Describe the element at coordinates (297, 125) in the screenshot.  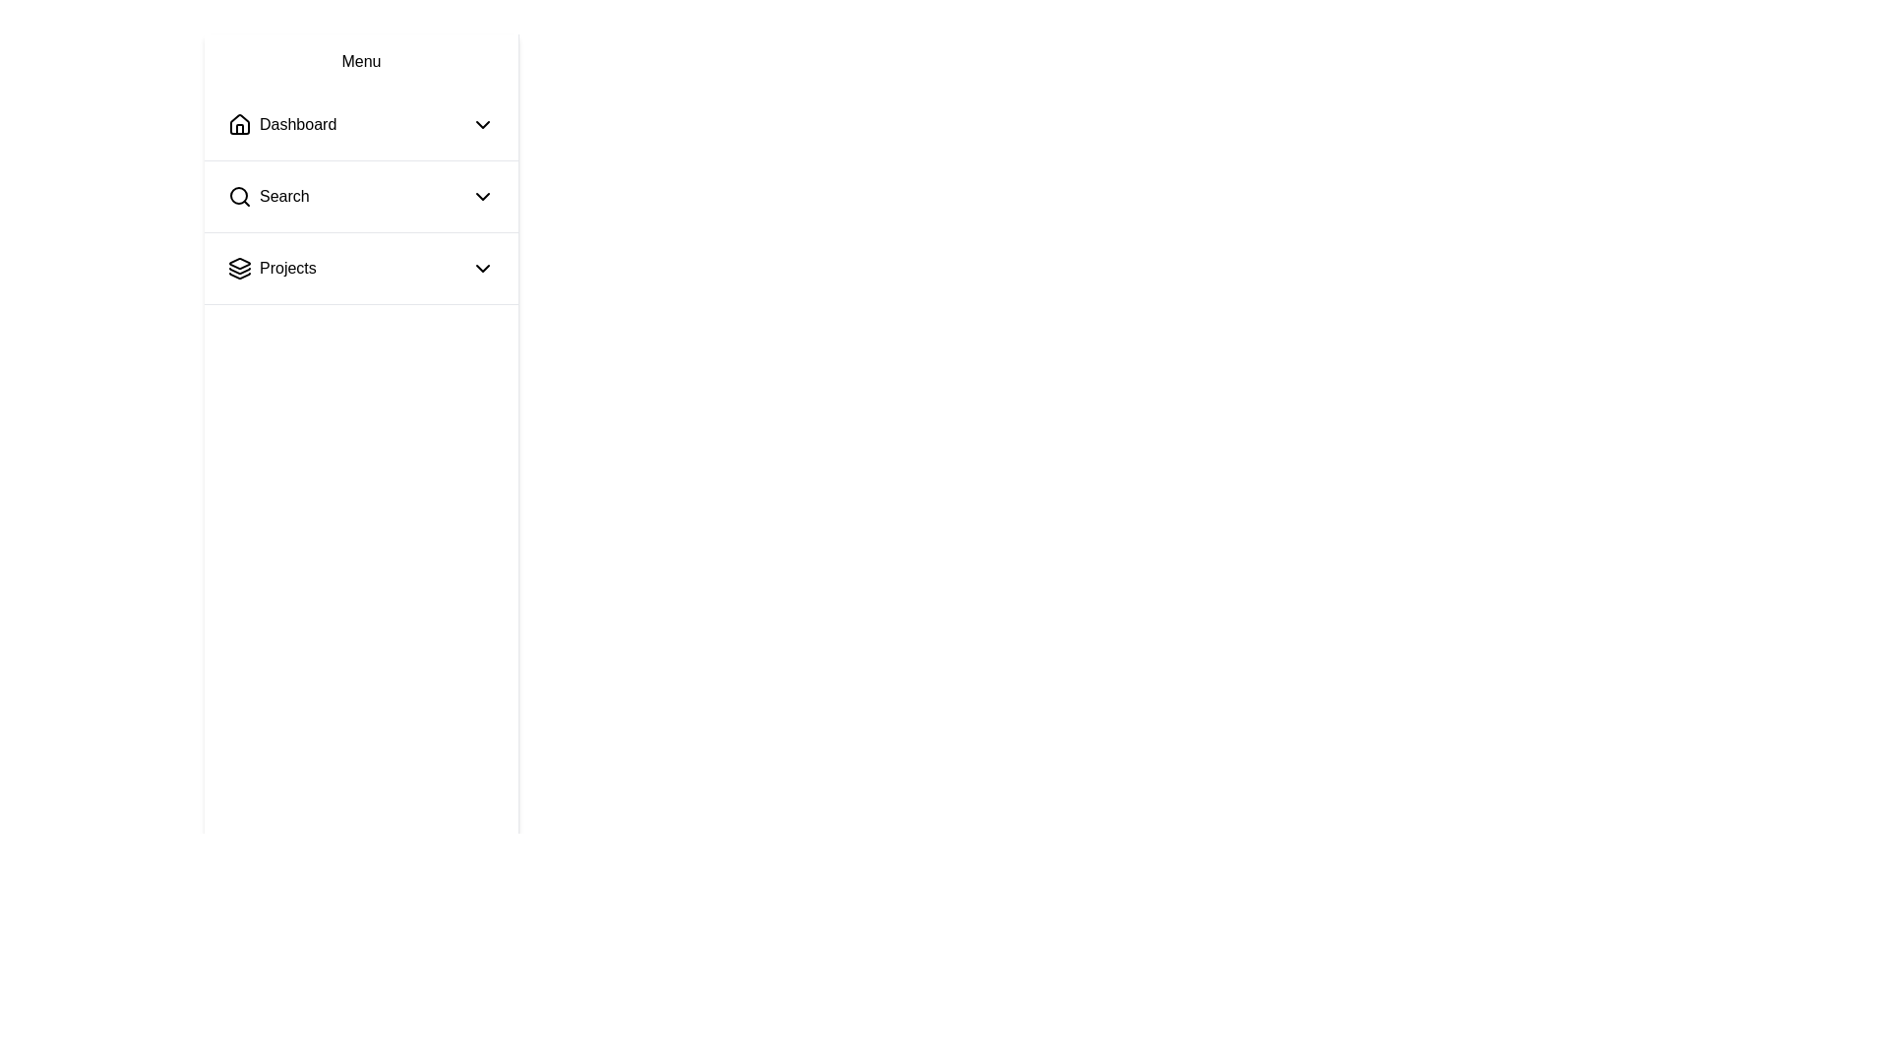
I see `the 'Dashboard' navigation label located in the vertical menu, which follows a house icon and precedes a dropdown indicator` at that location.